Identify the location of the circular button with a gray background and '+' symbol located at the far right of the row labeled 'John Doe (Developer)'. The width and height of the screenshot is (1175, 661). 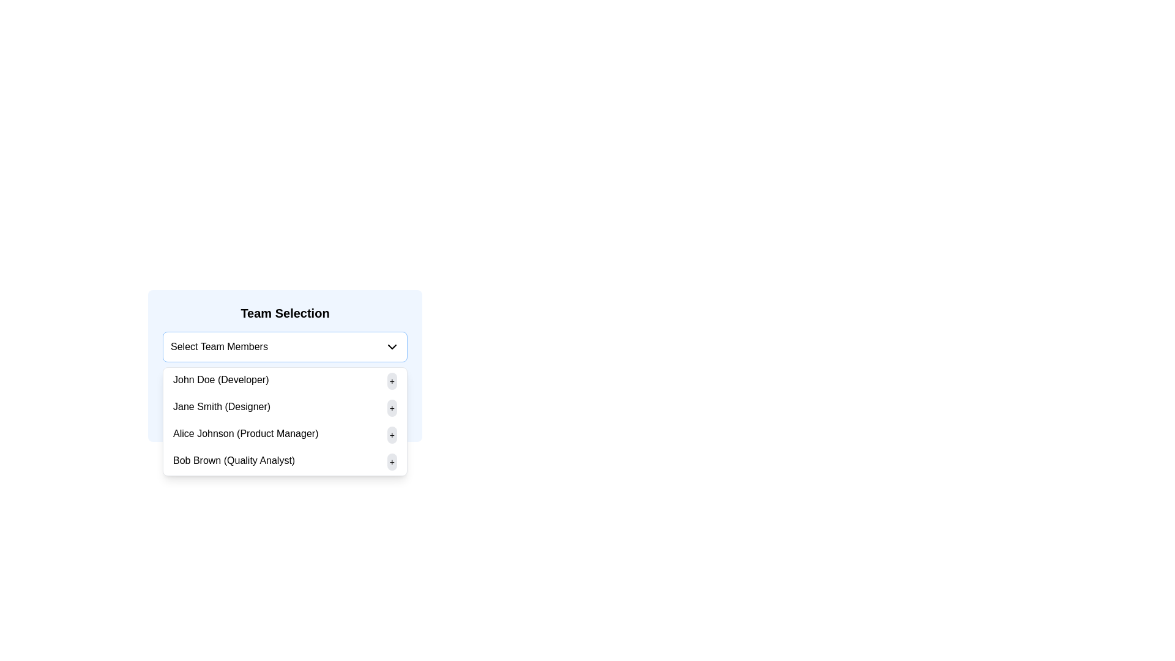
(392, 381).